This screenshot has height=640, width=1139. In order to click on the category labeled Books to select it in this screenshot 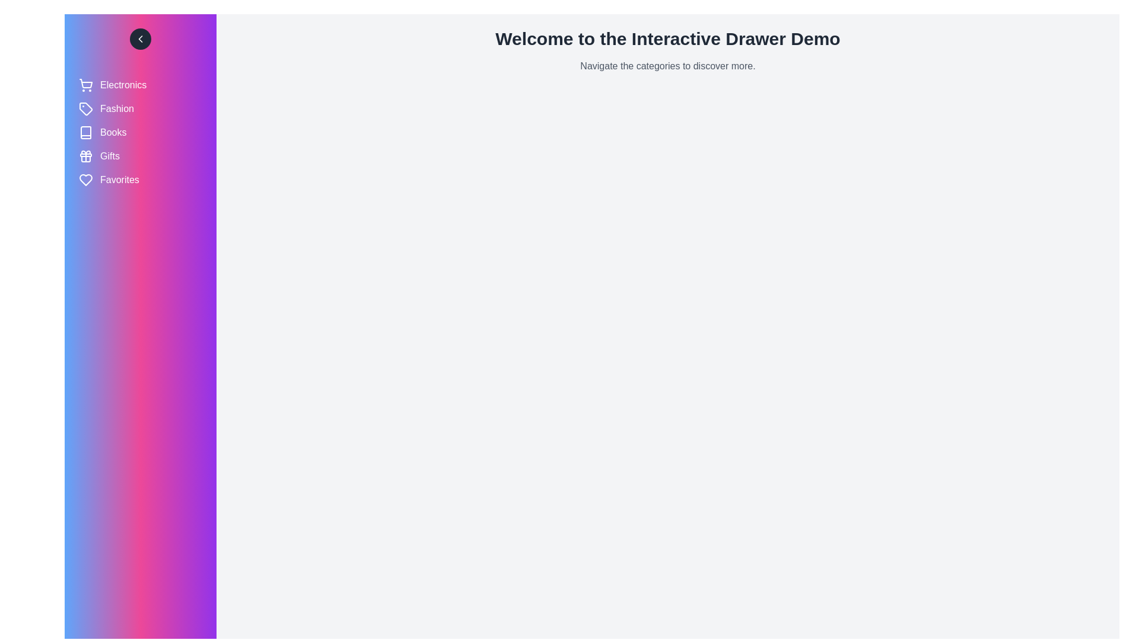, I will do `click(140, 132)`.